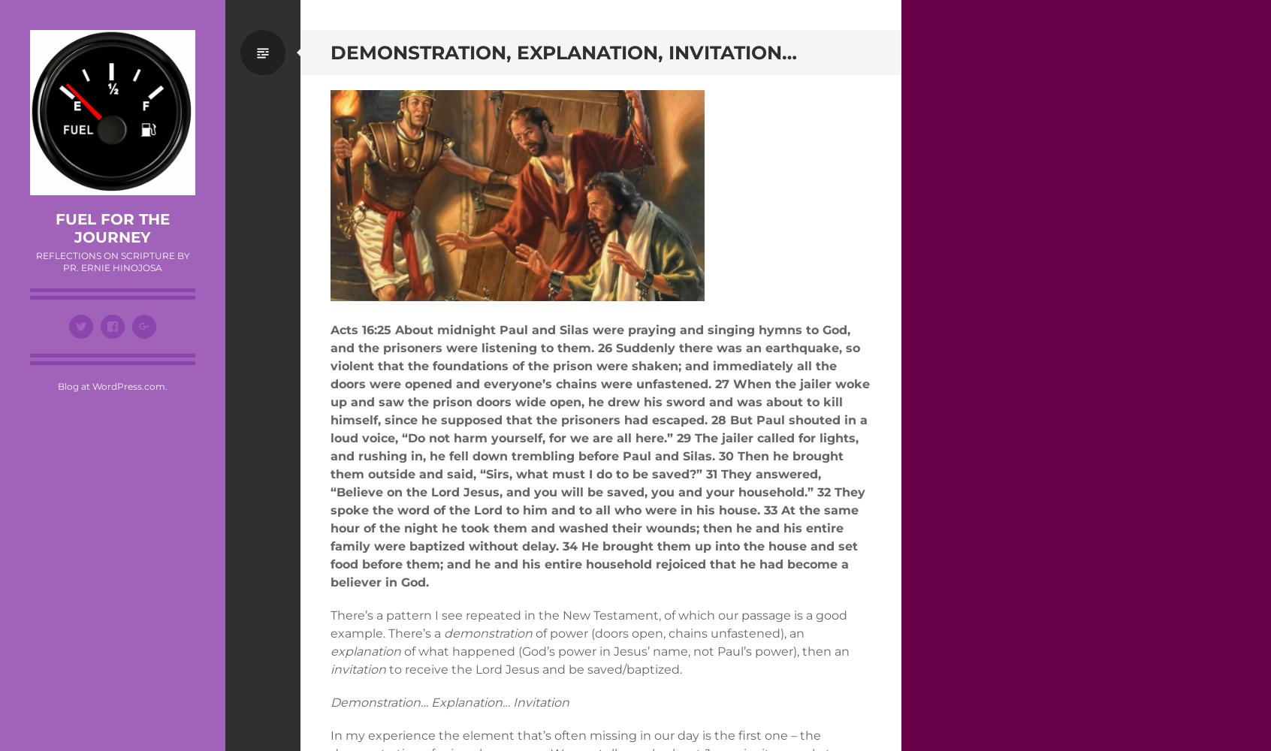  Describe the element at coordinates (364, 650) in the screenshot. I see `'explanation'` at that location.